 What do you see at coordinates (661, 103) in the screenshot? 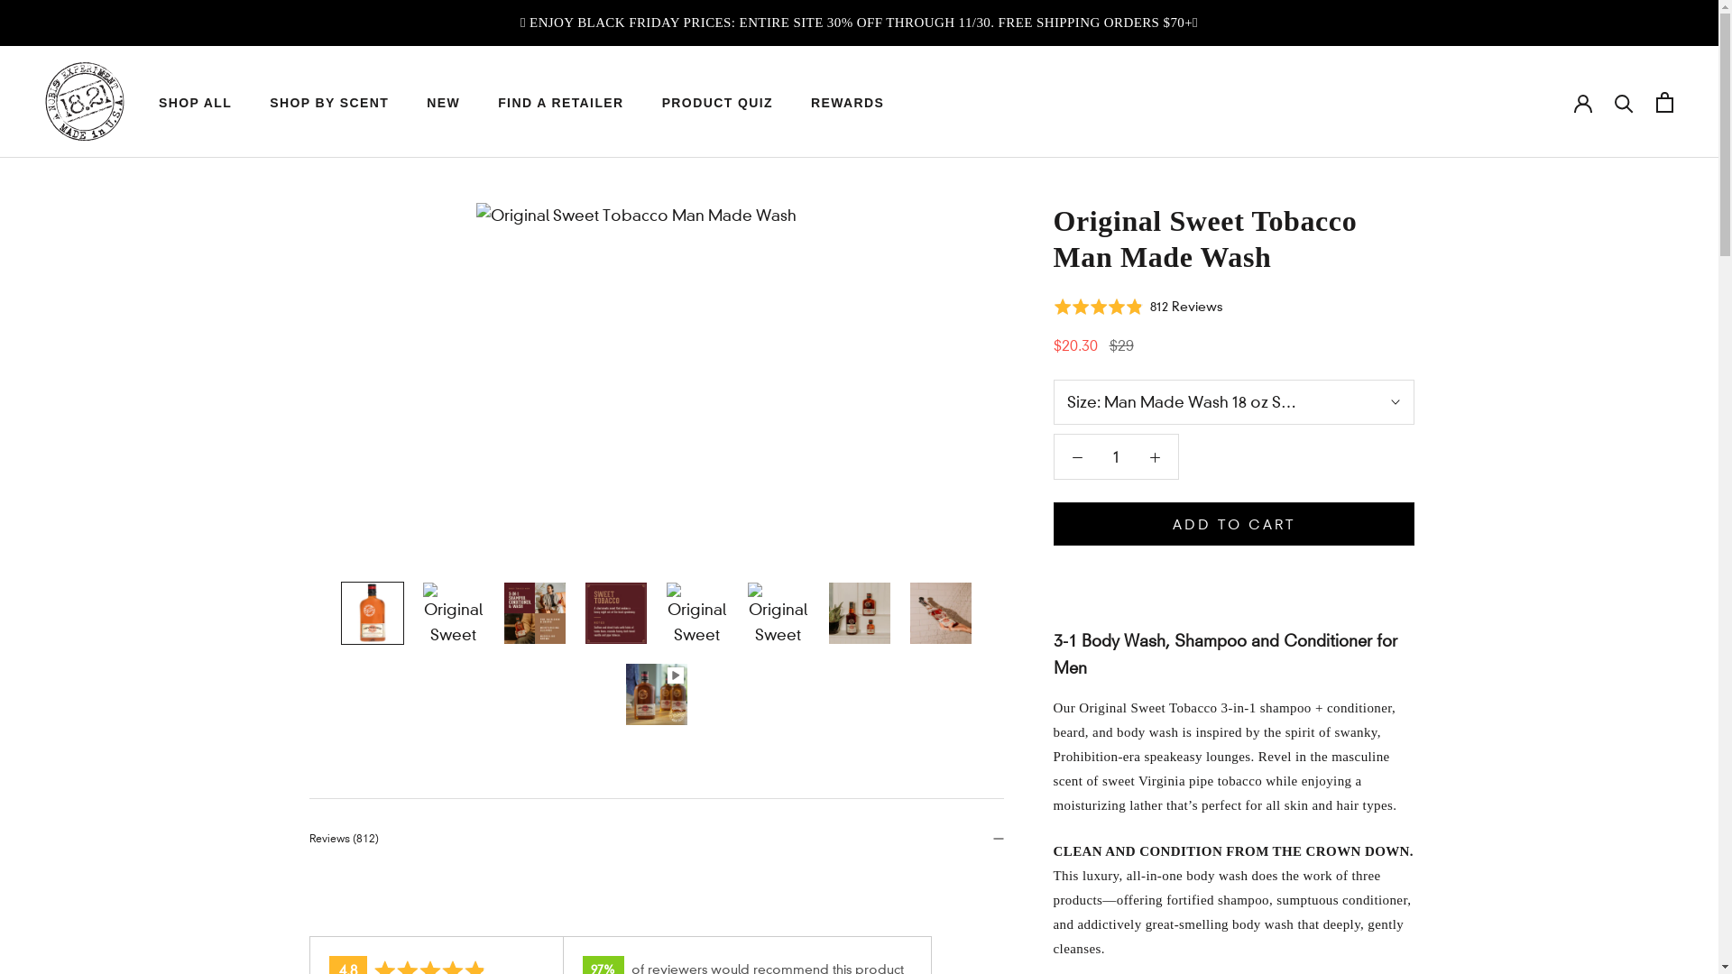
I see `'PRODUCT QUIZ` at bounding box center [661, 103].